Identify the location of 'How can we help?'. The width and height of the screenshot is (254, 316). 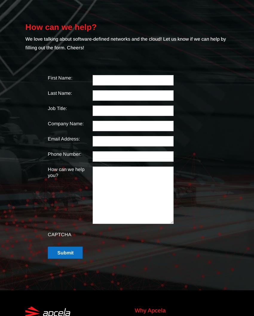
(61, 27).